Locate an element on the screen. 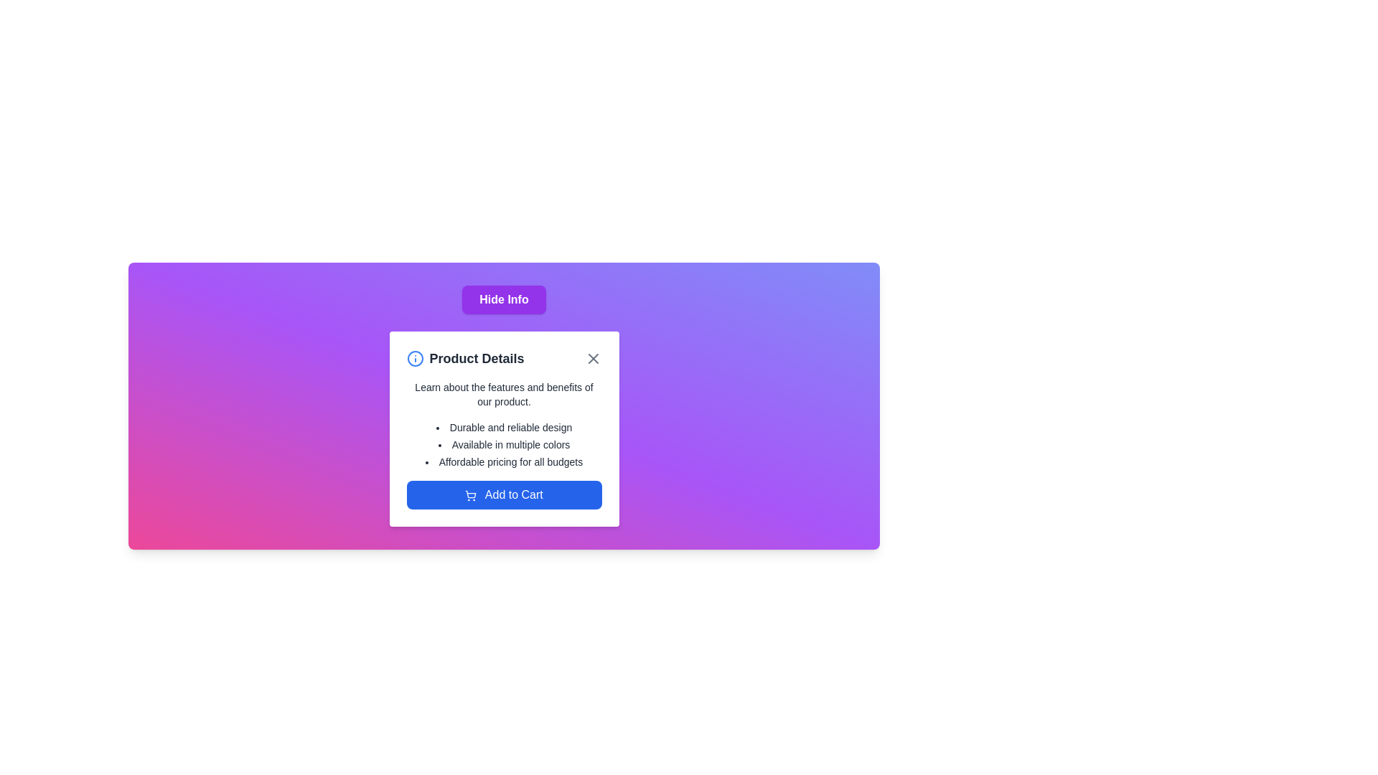  the 'Add to Cart' button located at the bottom of the 'Product Details' card is located at coordinates (504, 494).